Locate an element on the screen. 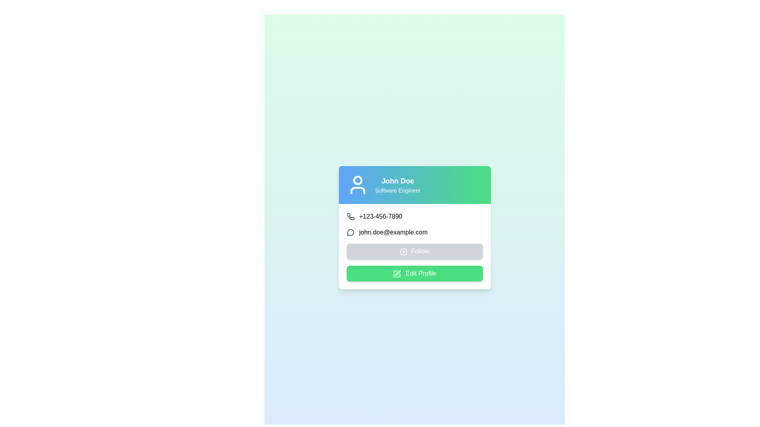 The image size is (760, 427). the messaging icon located to the left of the email address 'john.doe@example.com', which serves as a visual indicator for communication features is located at coordinates (350, 232).